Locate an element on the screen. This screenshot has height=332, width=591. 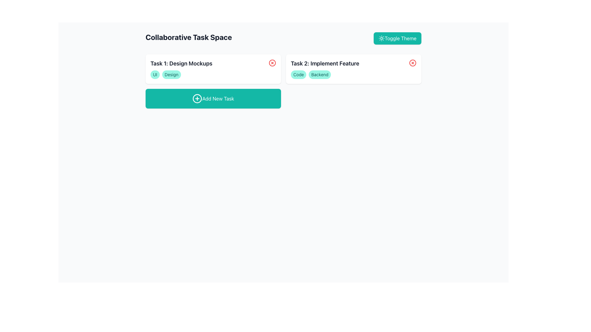
the theme toggle button located at the top-right corner of the application, next to the title 'Collaborative Task Space', to switch between light and dark modes is located at coordinates (397, 38).